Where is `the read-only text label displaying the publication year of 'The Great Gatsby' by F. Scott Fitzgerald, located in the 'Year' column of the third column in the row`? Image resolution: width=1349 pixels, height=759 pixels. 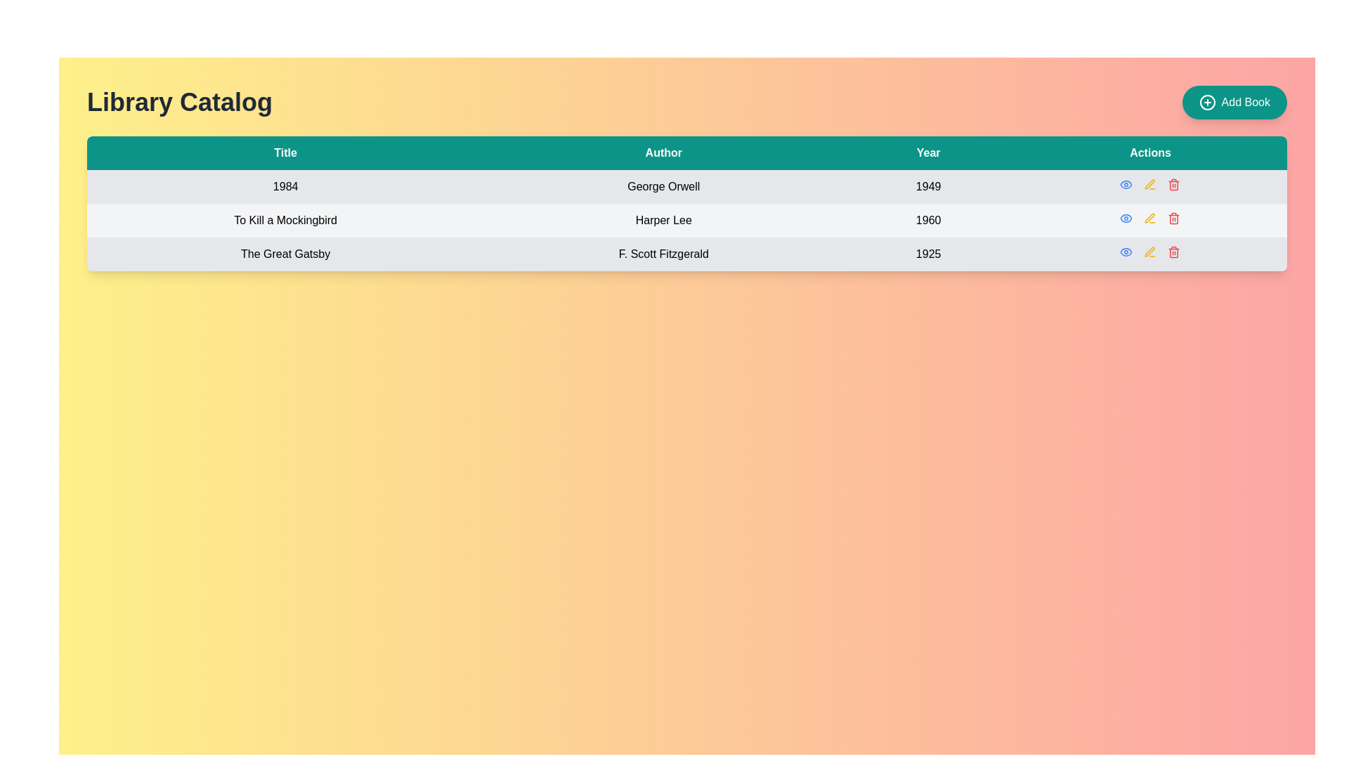
the read-only text label displaying the publication year of 'The Great Gatsby' by F. Scott Fitzgerald, located in the 'Year' column of the third column in the row is located at coordinates (928, 254).